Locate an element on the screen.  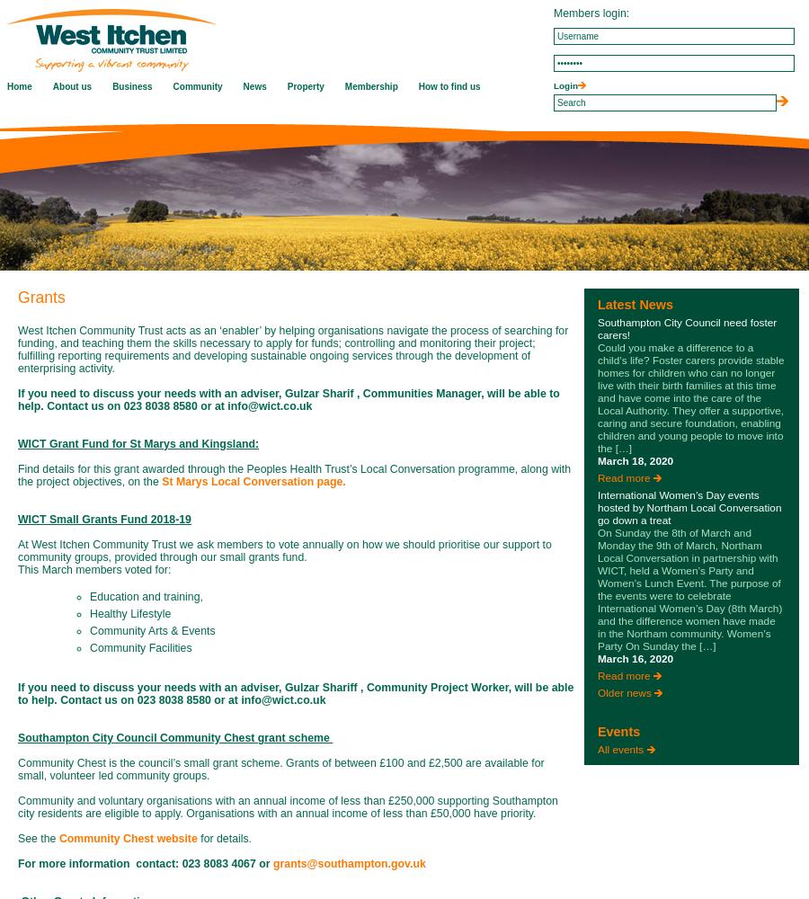
'Education and training,' is located at coordinates (146, 597).